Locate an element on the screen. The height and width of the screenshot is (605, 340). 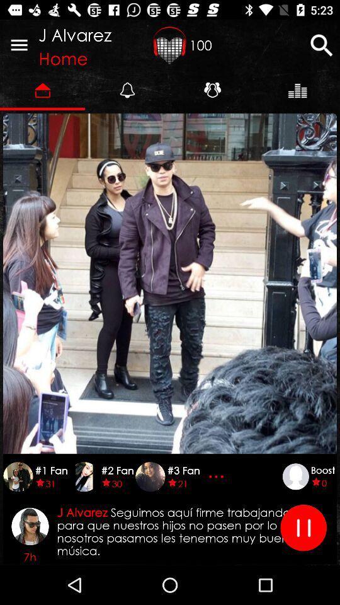
item next to #3 fan icon is located at coordinates (217, 476).